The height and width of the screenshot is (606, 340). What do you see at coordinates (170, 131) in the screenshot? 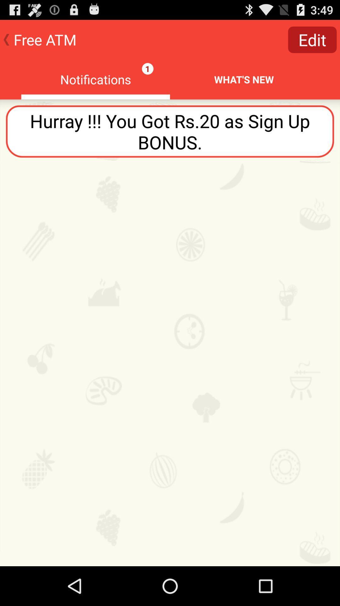
I see `the hurray you got` at bounding box center [170, 131].